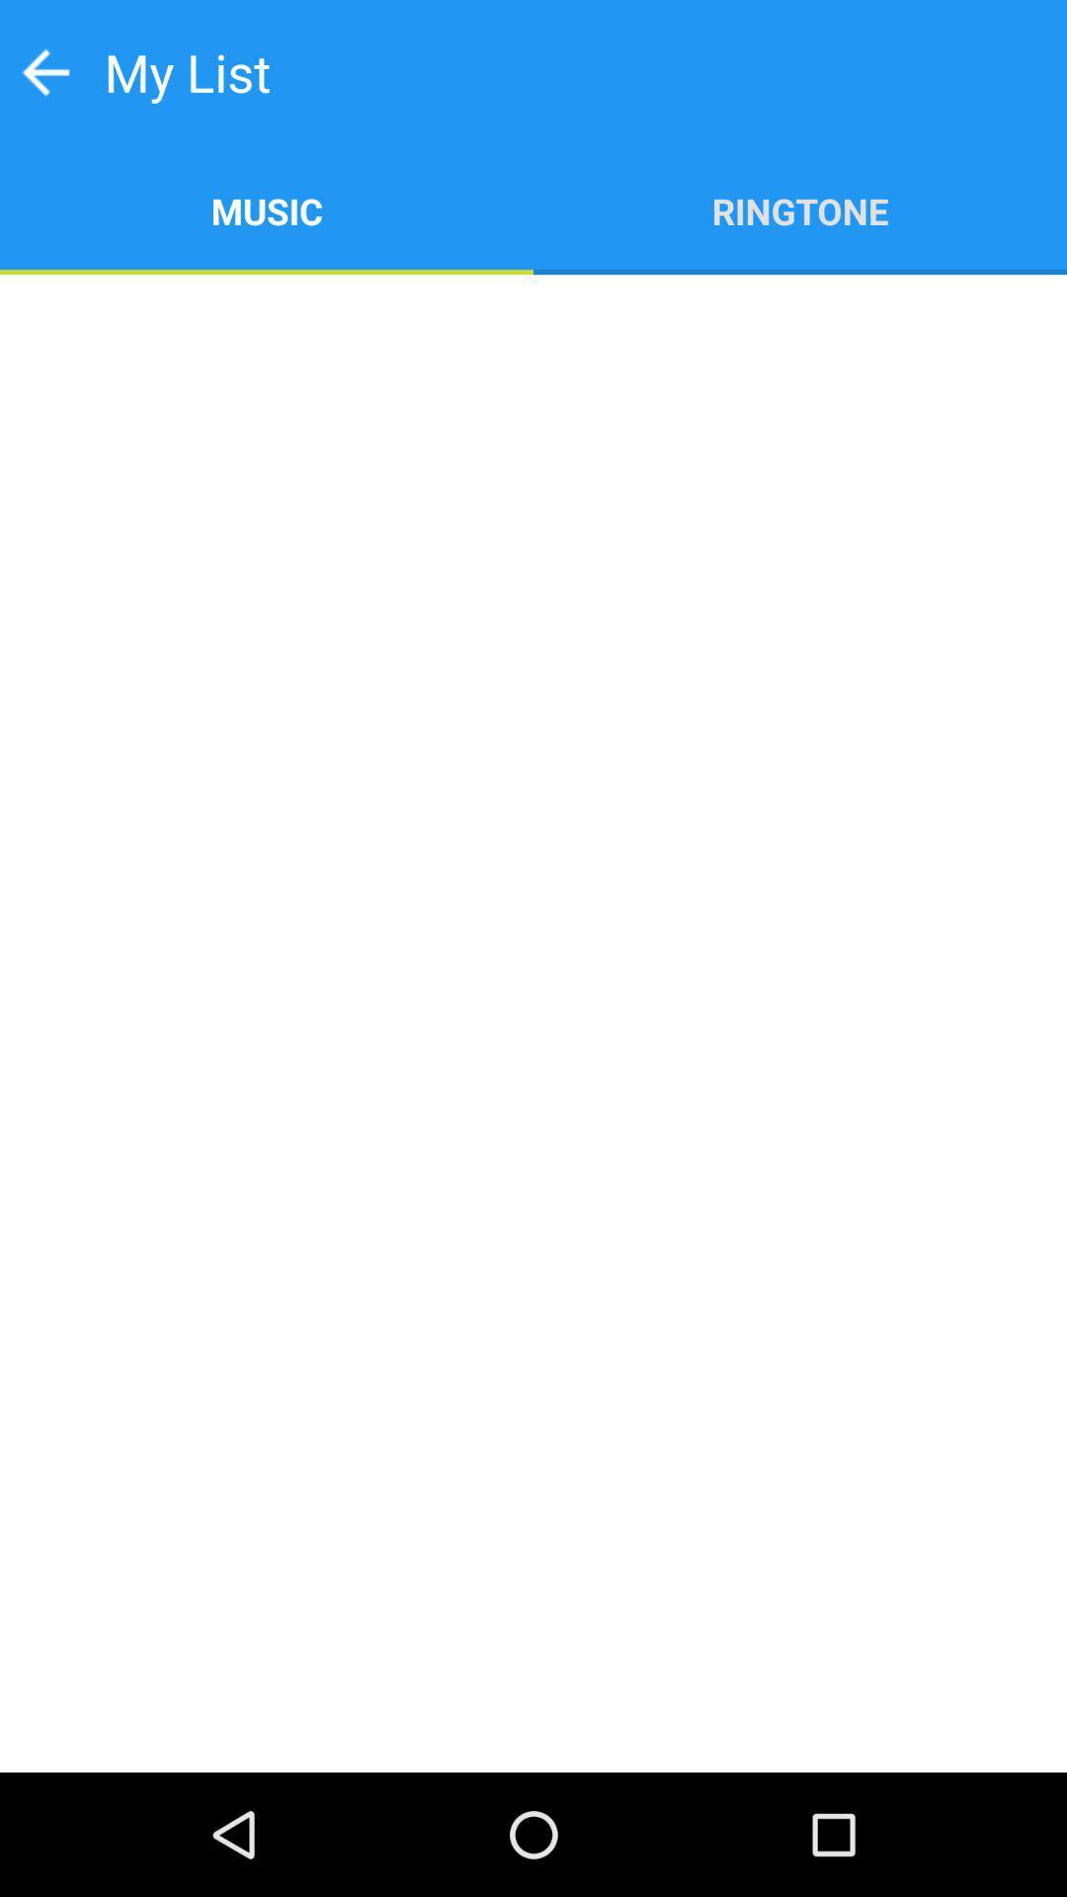 This screenshot has height=1897, width=1067. Describe the element at coordinates (800, 209) in the screenshot. I see `the ringtone app` at that location.